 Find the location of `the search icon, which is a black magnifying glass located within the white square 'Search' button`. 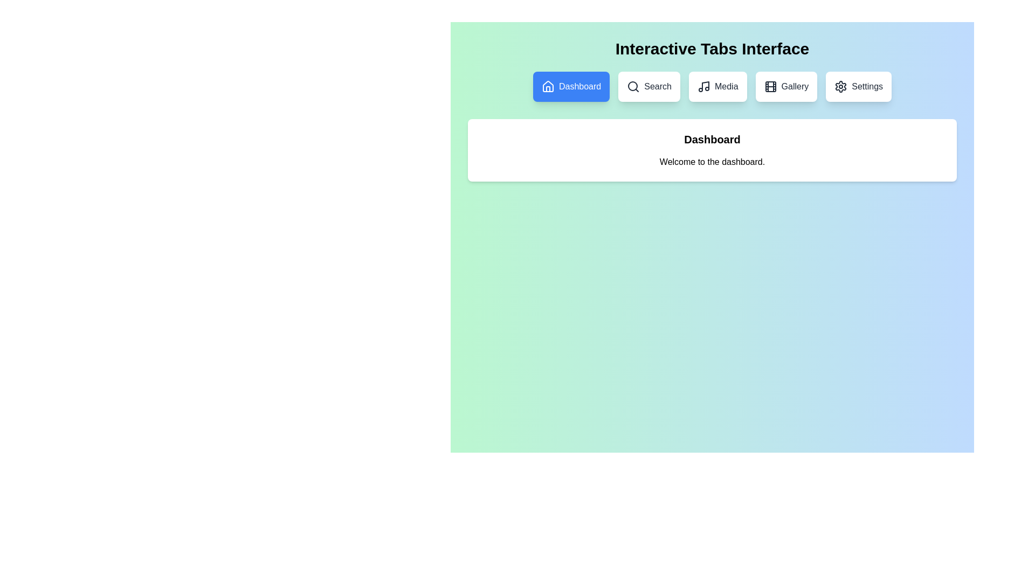

the search icon, which is a black magnifying glass located within the white square 'Search' button is located at coordinates (633, 86).